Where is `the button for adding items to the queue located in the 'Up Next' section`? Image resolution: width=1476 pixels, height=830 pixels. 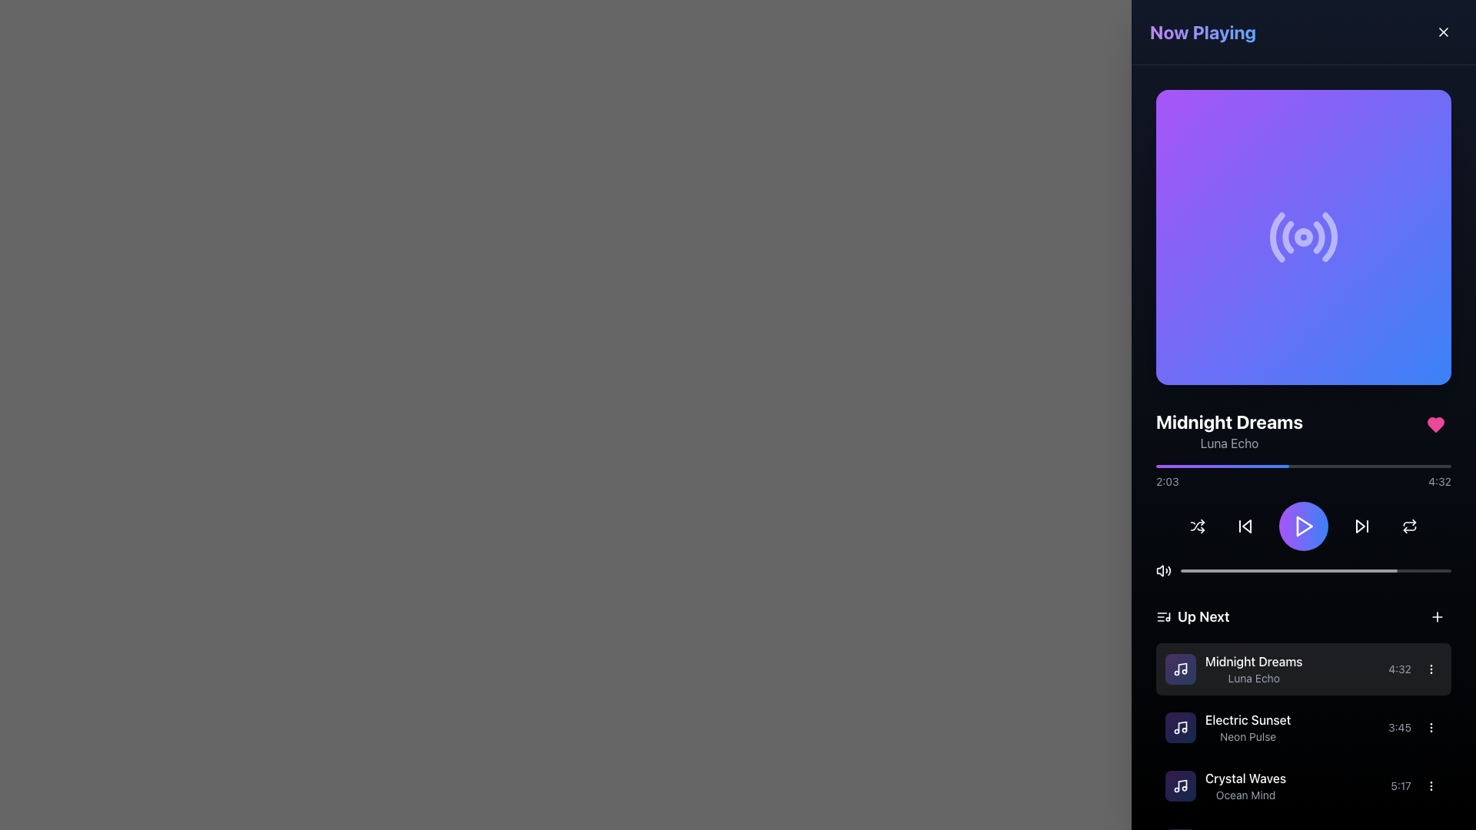 the button for adding items to the queue located in the 'Up Next' section is located at coordinates (1437, 616).